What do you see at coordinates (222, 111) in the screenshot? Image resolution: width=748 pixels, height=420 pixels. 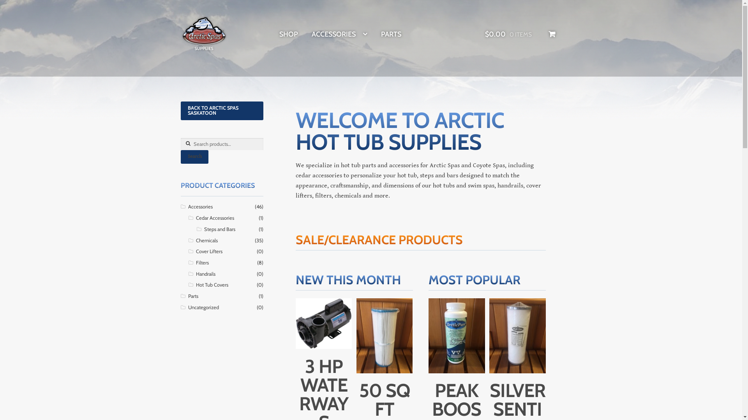 I see `'BACK TO ARCTIC SPAS SASKATOON'` at bounding box center [222, 111].